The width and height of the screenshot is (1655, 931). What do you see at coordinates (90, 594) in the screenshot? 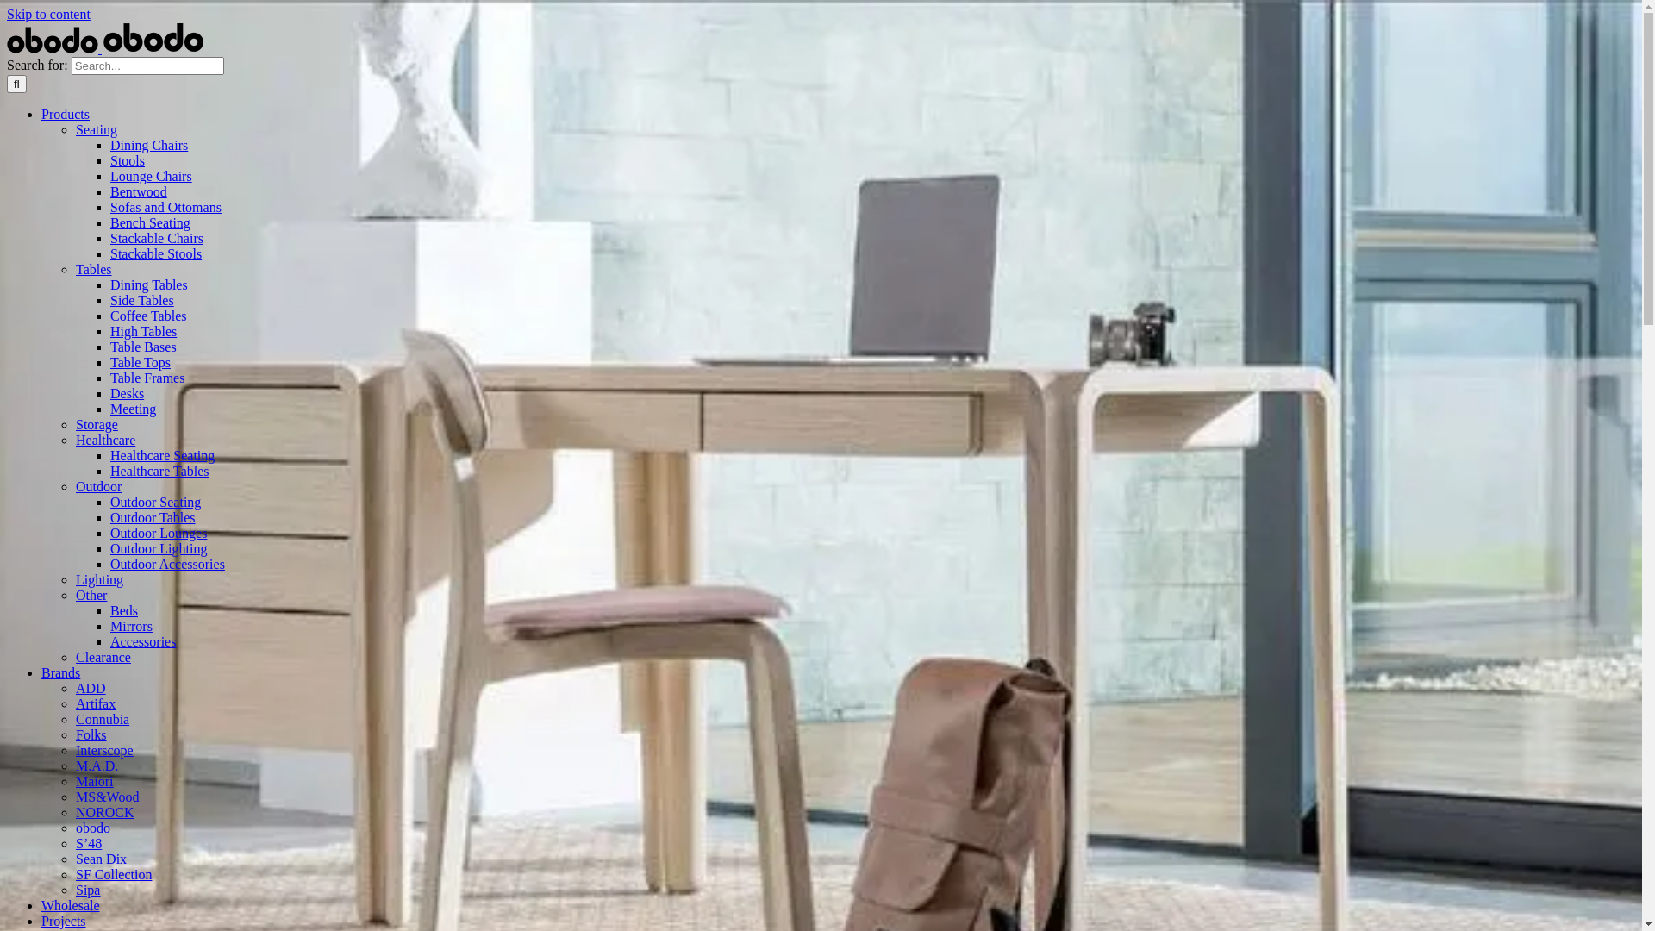
I see `'Other'` at bounding box center [90, 594].